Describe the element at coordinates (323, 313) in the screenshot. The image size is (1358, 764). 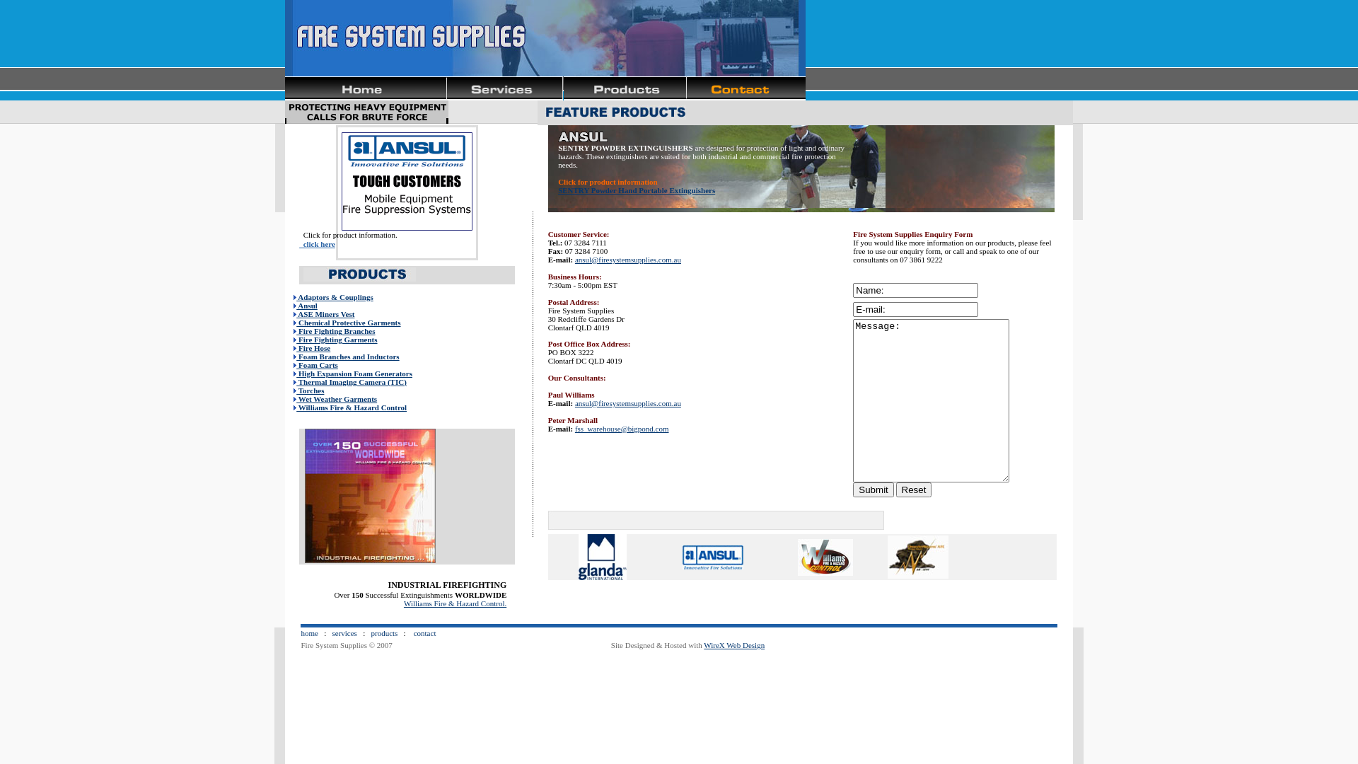
I see `' ASE Miners Vest'` at that location.